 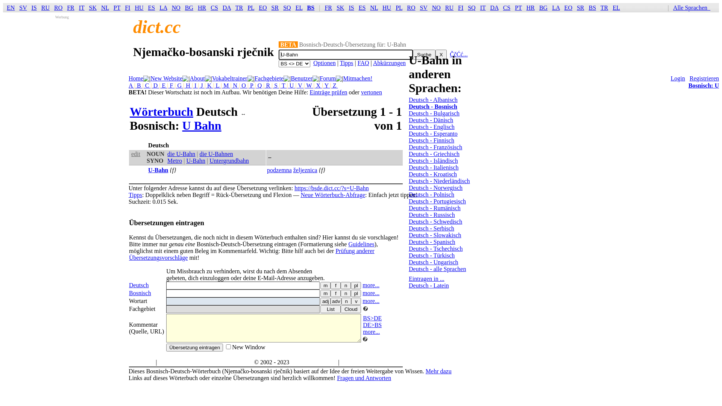 What do you see at coordinates (262, 8) in the screenshot?
I see `'EO'` at bounding box center [262, 8].